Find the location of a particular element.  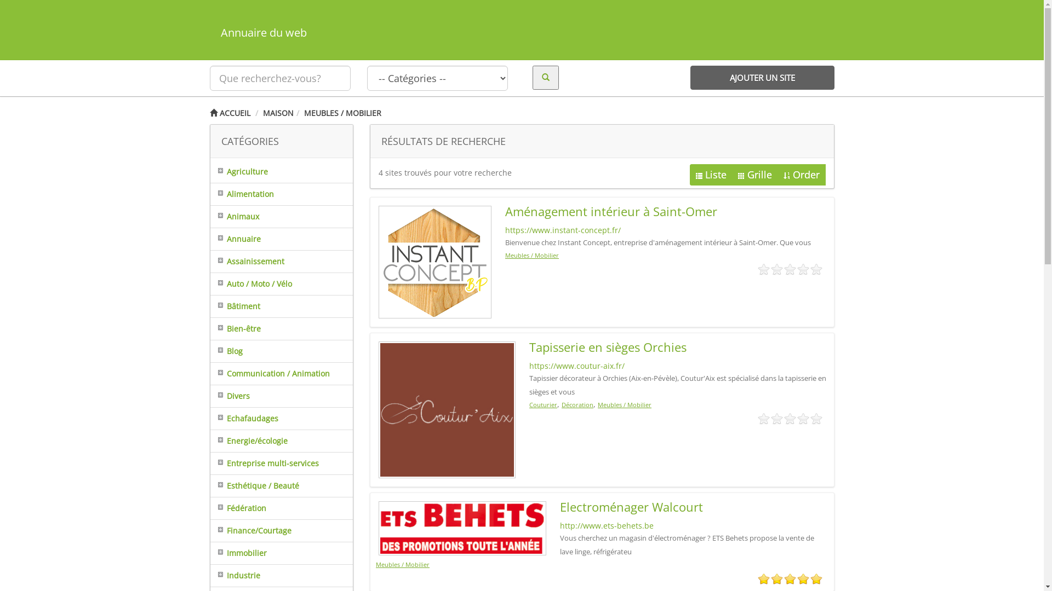

'Assainissement' is located at coordinates (247, 261).